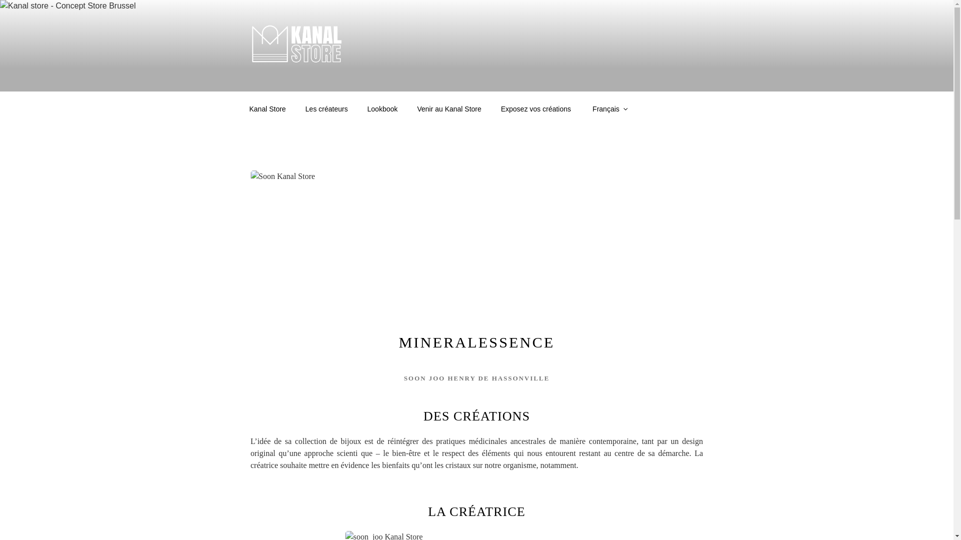 The height and width of the screenshot is (540, 961). I want to click on 'Venir au Kanal Store', so click(408, 109).